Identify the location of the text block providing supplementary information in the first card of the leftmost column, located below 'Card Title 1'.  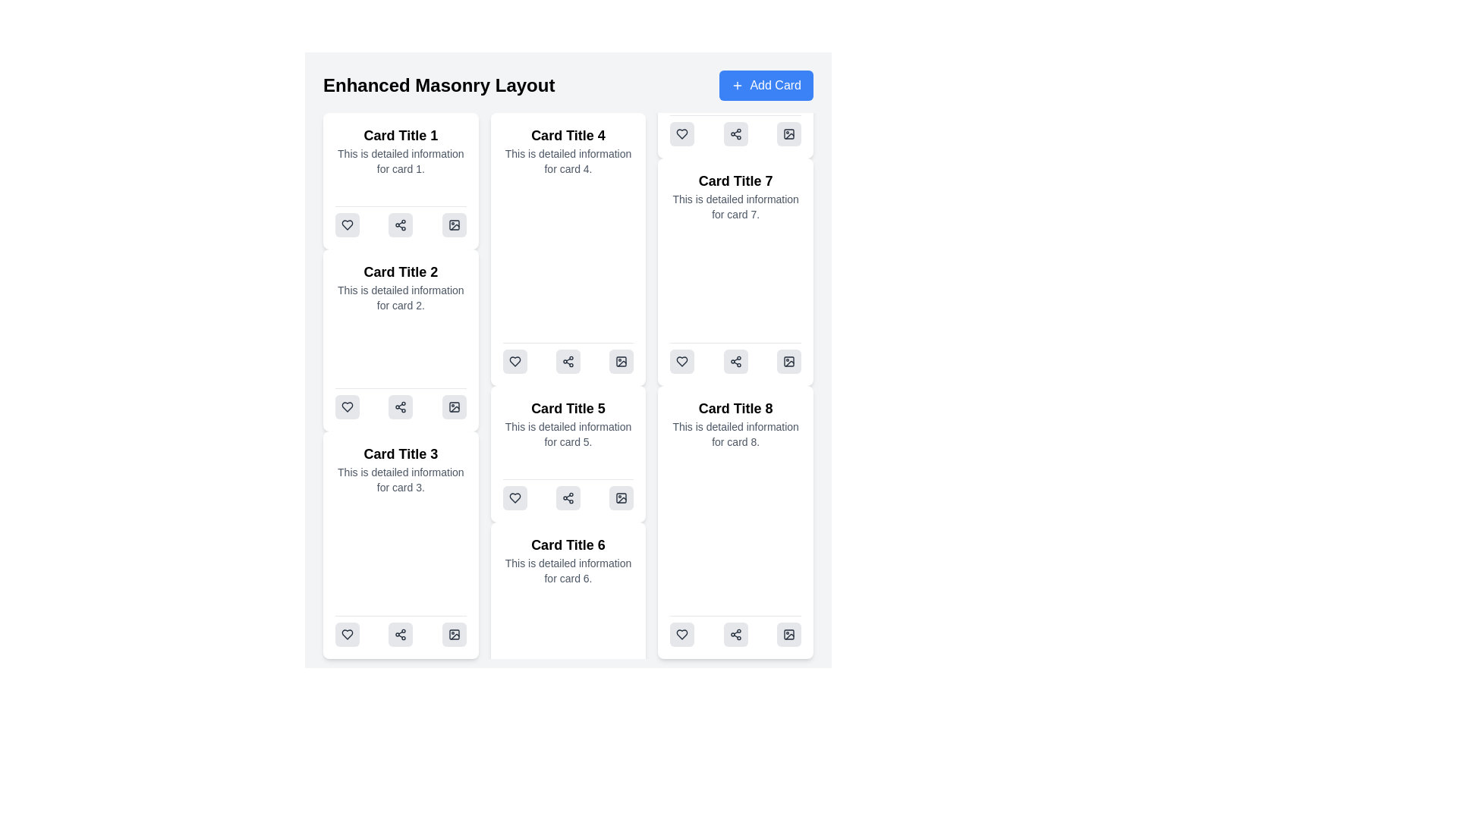
(401, 161).